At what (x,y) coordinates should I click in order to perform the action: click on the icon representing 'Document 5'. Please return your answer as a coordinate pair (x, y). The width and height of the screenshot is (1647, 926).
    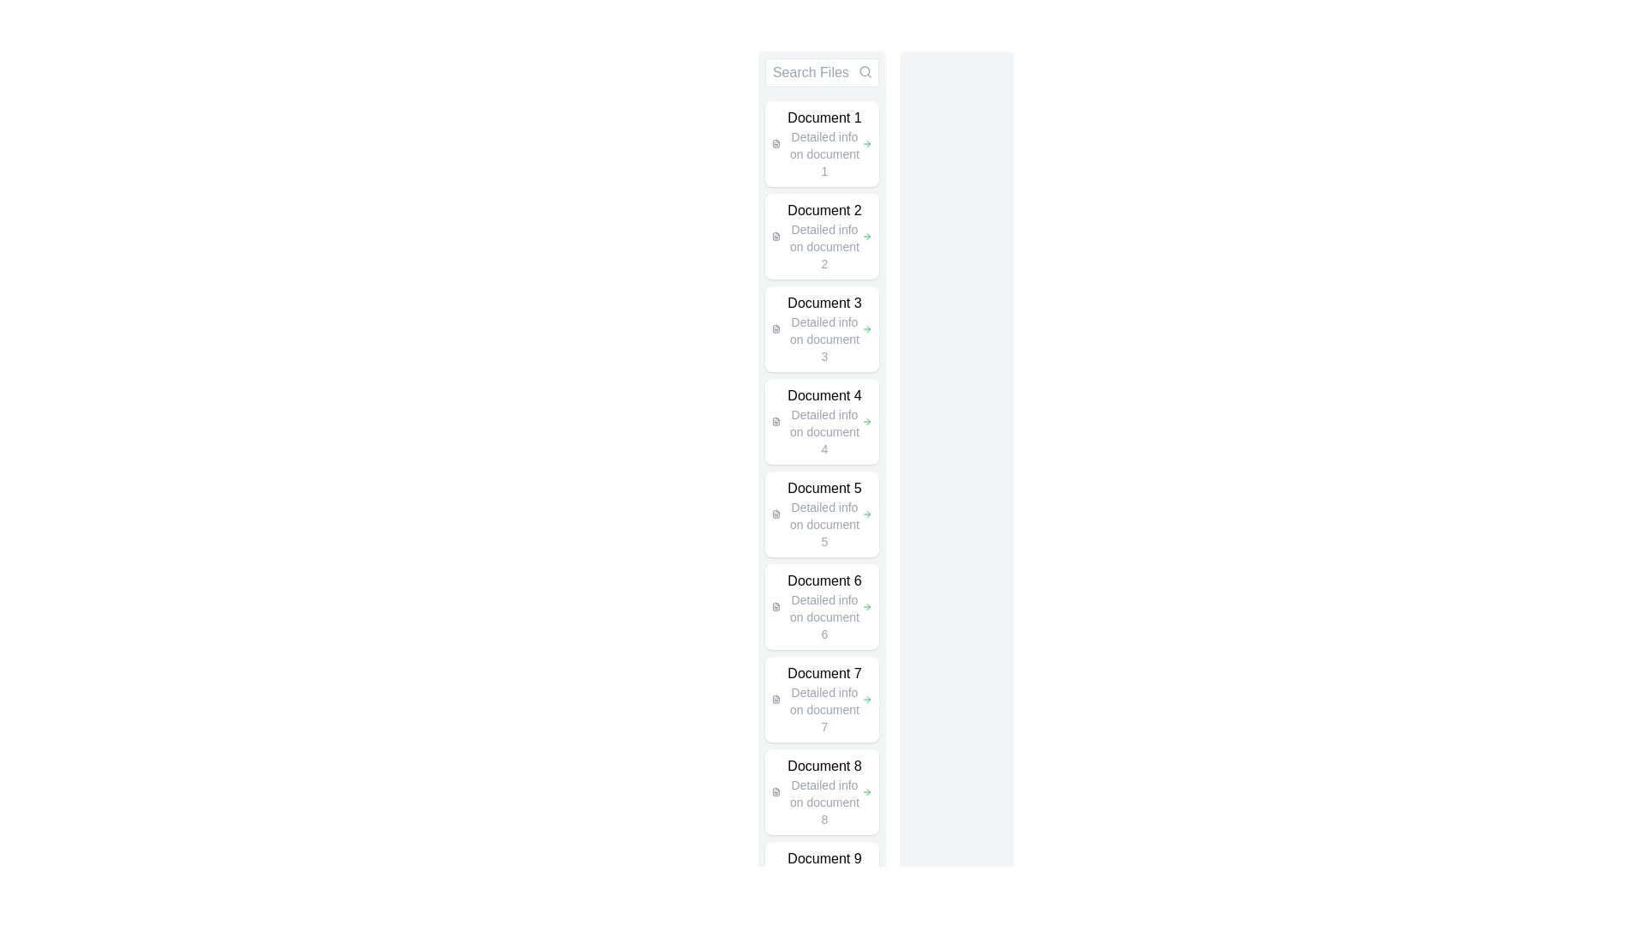
    Looking at the image, I should click on (775, 514).